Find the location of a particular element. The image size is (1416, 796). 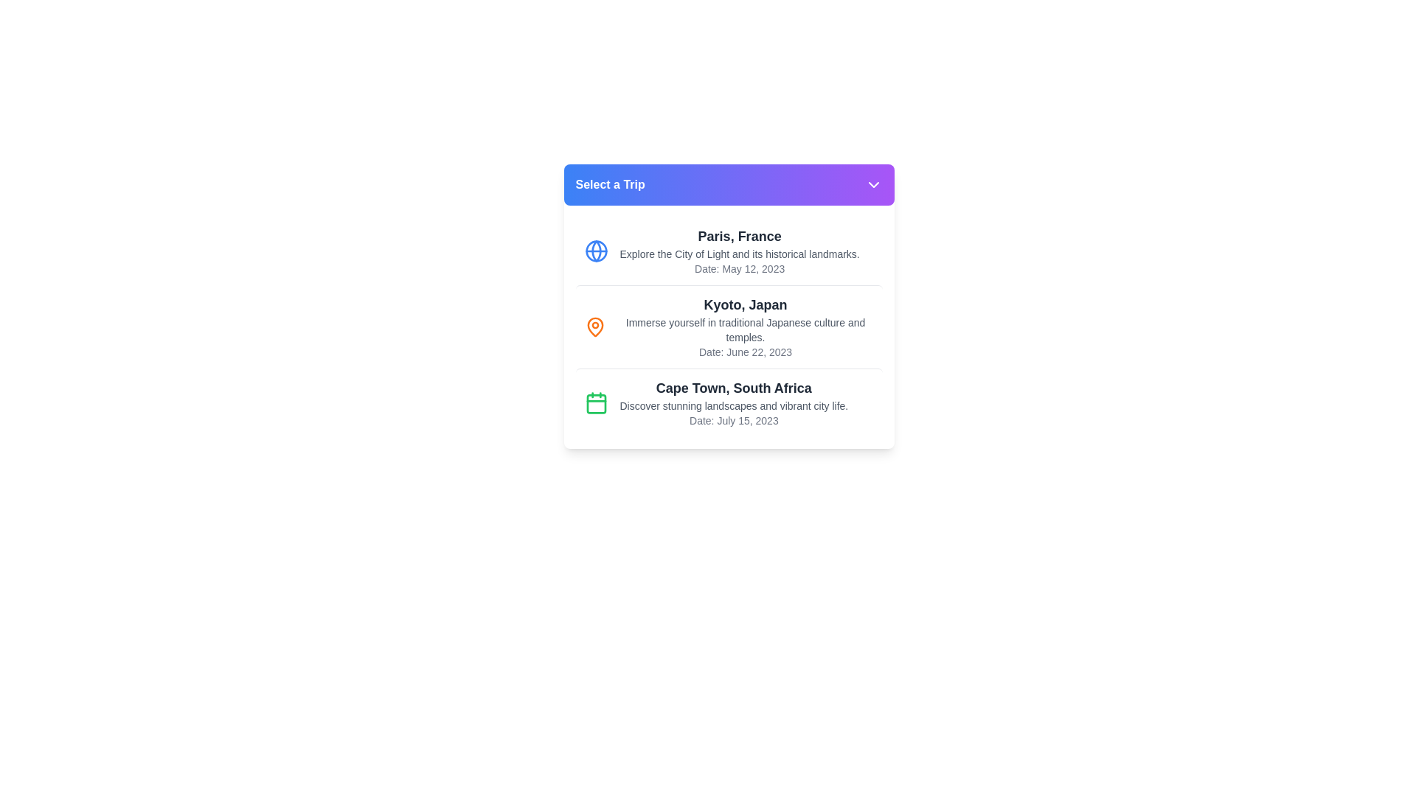

the central circular part of the globe icon representing the location marker for 'Paris, France', which is located to the left of the text in the top list item is located at coordinates (596, 250).